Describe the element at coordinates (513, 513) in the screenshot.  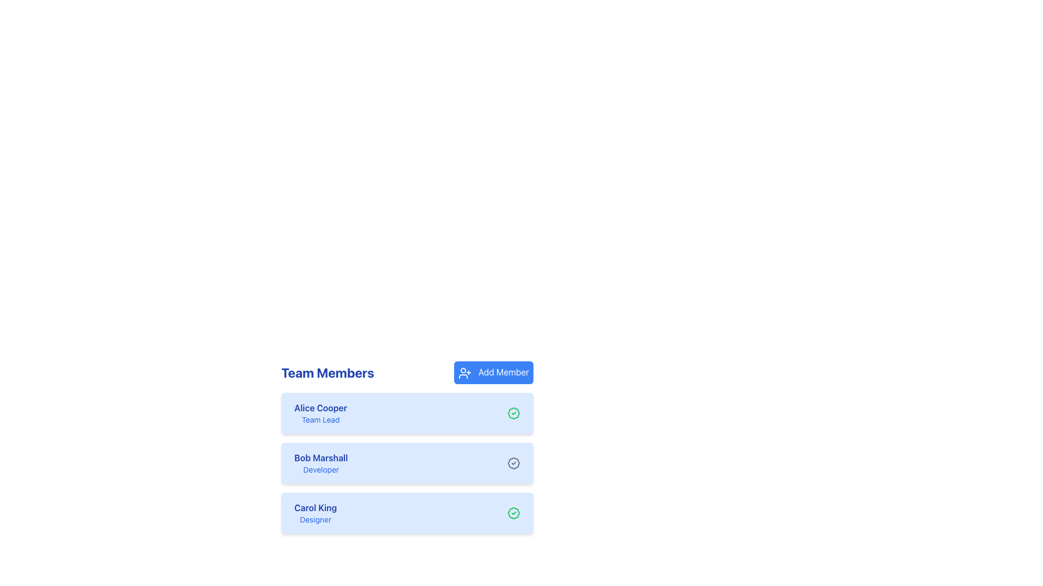
I see `the status icon for team member Carol King, Designer, located in the third row of the 'Team Members' section` at that location.